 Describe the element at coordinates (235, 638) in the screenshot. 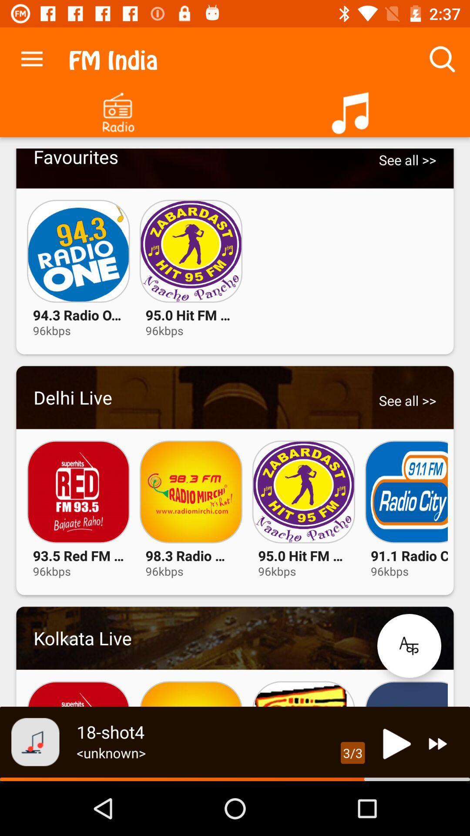

I see `the button which is having the text kolkata live` at that location.